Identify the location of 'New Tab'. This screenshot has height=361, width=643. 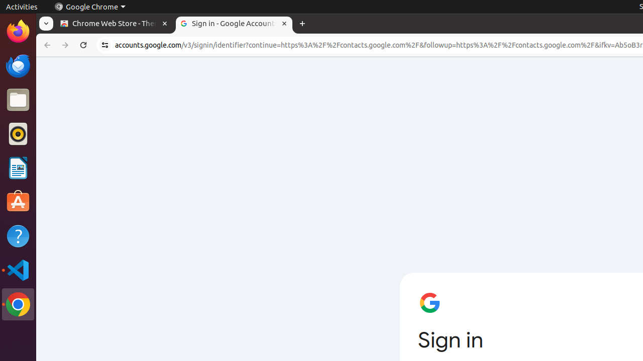
(301, 23).